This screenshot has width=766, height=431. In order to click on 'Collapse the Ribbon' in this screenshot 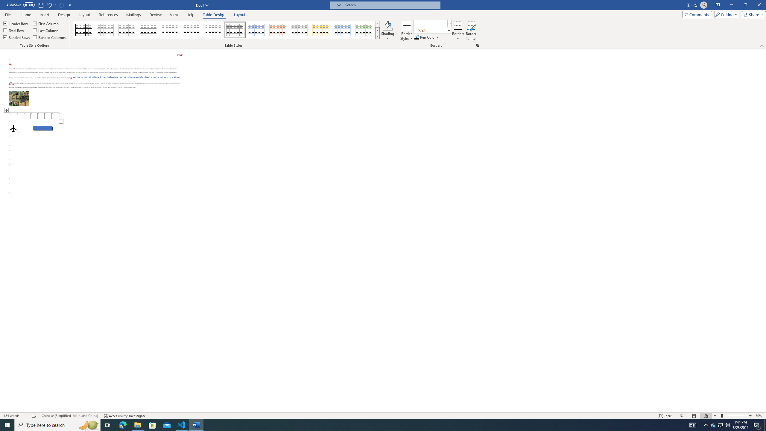, I will do `click(762, 46)`.